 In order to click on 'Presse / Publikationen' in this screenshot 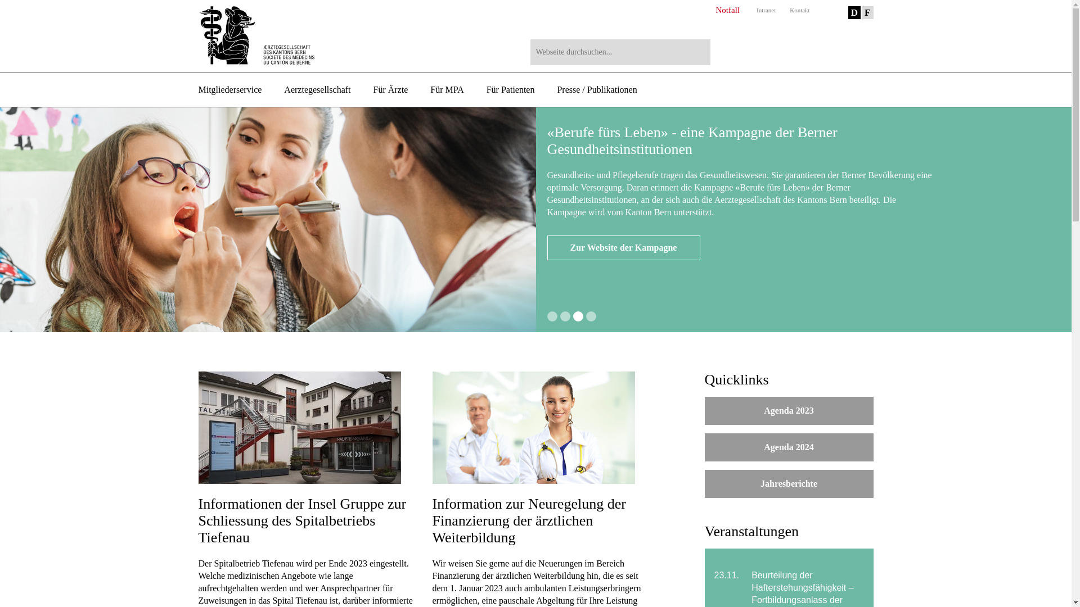, I will do `click(596, 89)`.